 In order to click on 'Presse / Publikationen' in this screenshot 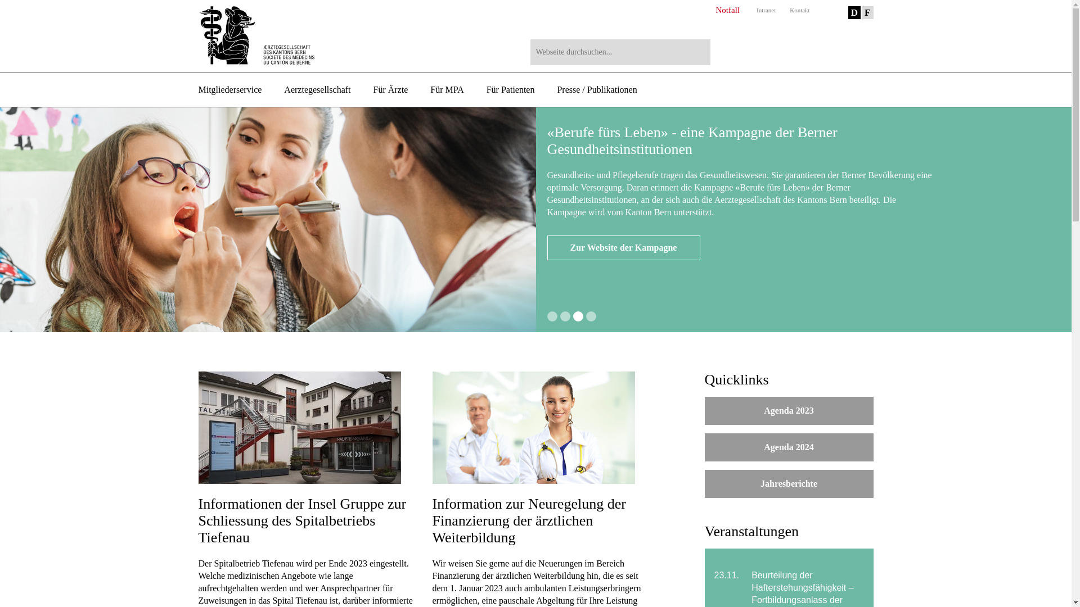, I will do `click(596, 89)`.